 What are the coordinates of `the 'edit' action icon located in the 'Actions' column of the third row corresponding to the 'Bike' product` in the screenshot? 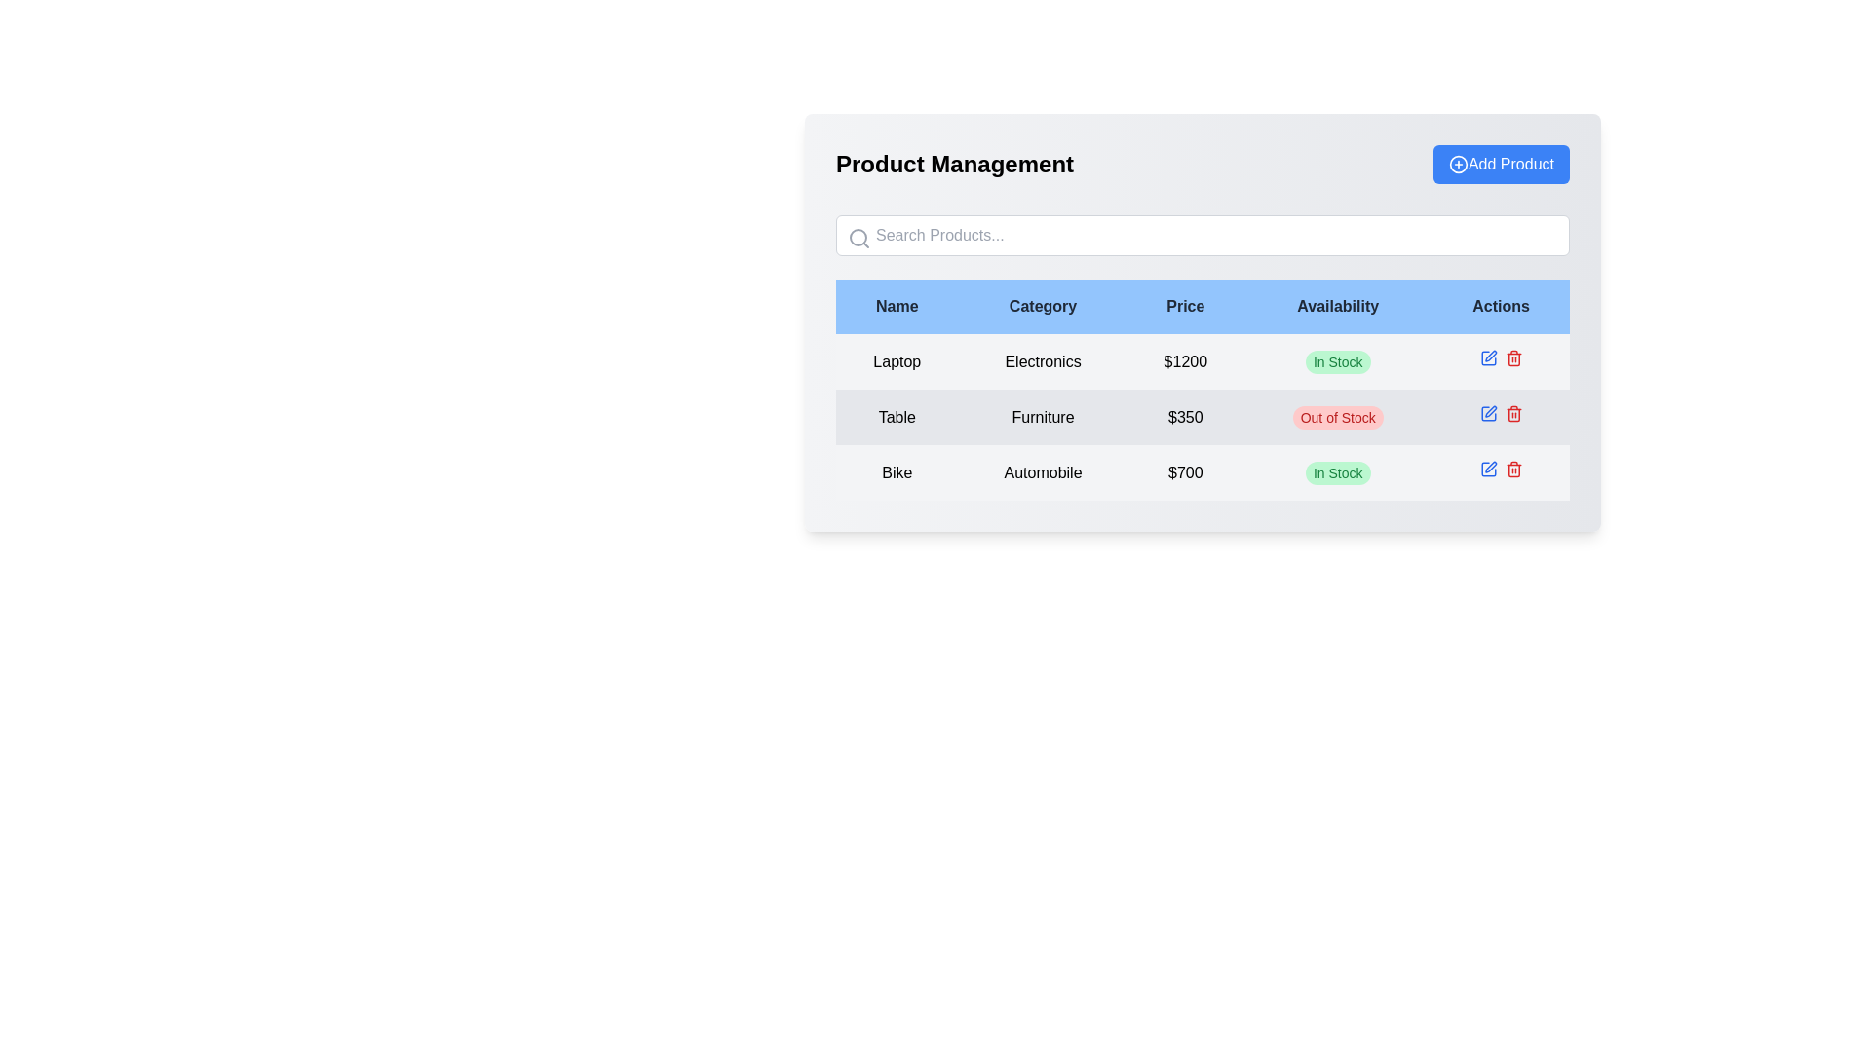 It's located at (1489, 356).